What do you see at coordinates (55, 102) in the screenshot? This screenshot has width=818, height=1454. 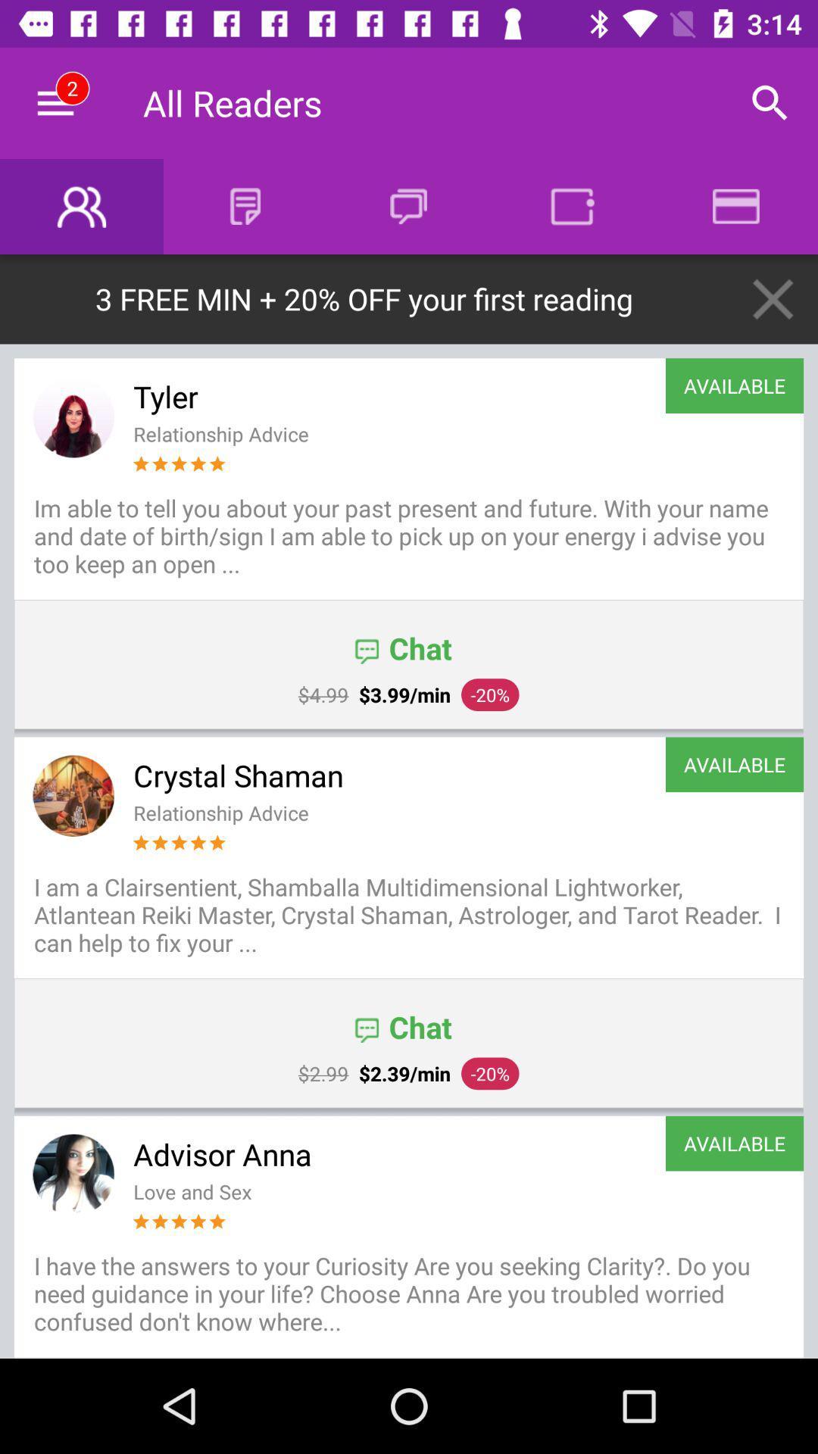 I see `the item next to the all readers icon` at bounding box center [55, 102].